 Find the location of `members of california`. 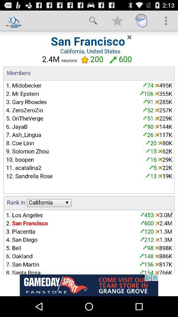

members of california is located at coordinates (89, 153).